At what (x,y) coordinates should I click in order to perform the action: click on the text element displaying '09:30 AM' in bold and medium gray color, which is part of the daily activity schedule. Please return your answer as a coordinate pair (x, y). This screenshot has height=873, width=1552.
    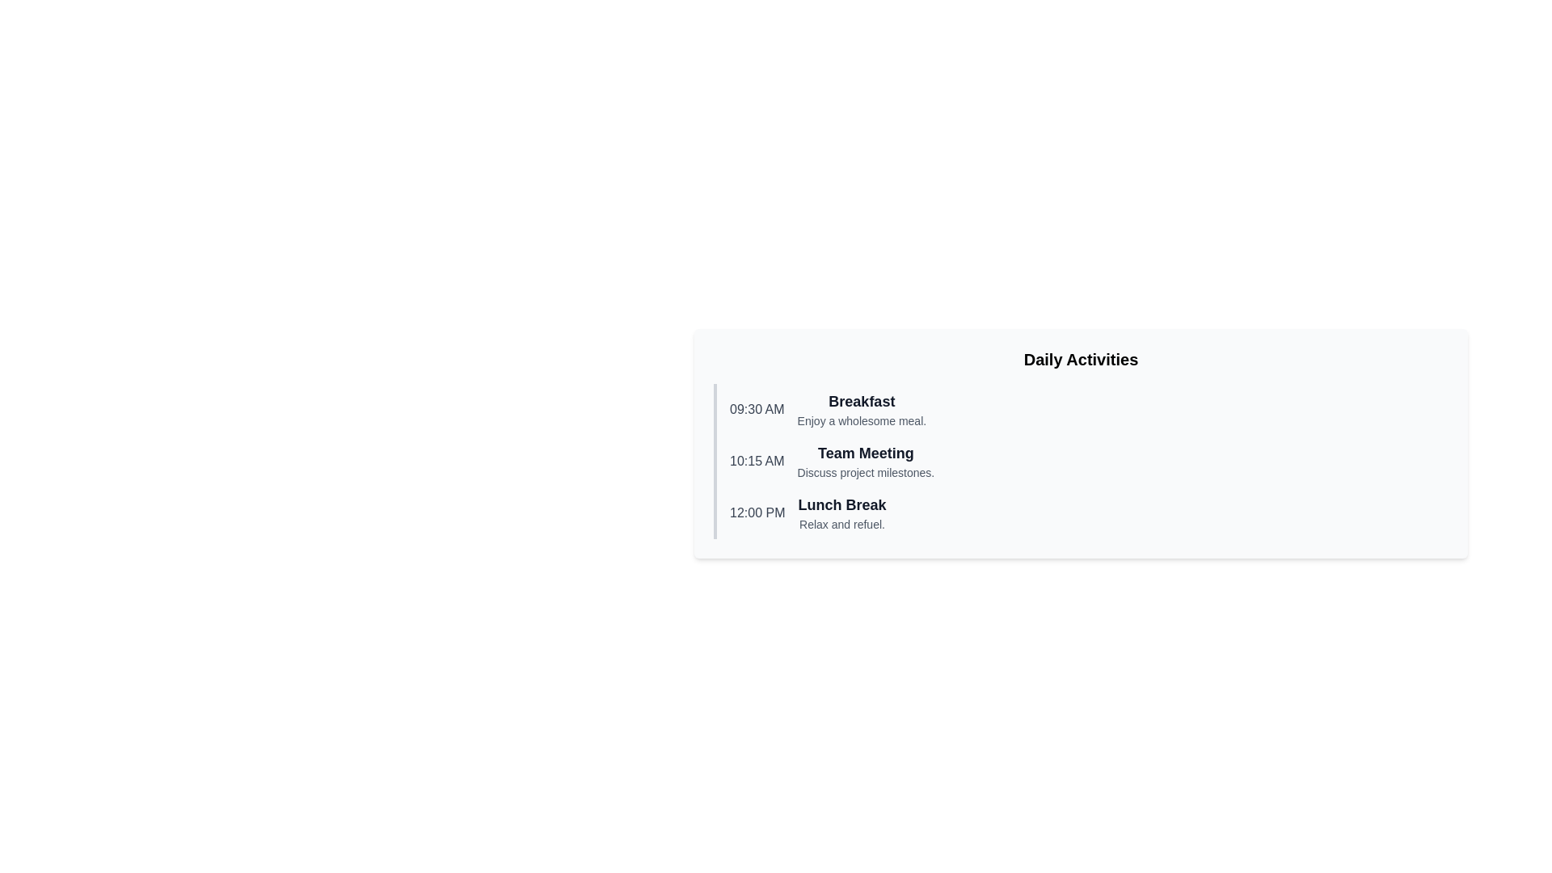
    Looking at the image, I should click on (756, 408).